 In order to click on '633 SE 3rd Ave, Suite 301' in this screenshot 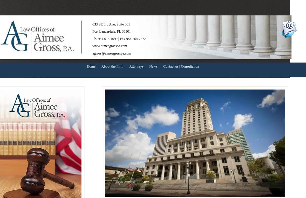, I will do `click(111, 24)`.